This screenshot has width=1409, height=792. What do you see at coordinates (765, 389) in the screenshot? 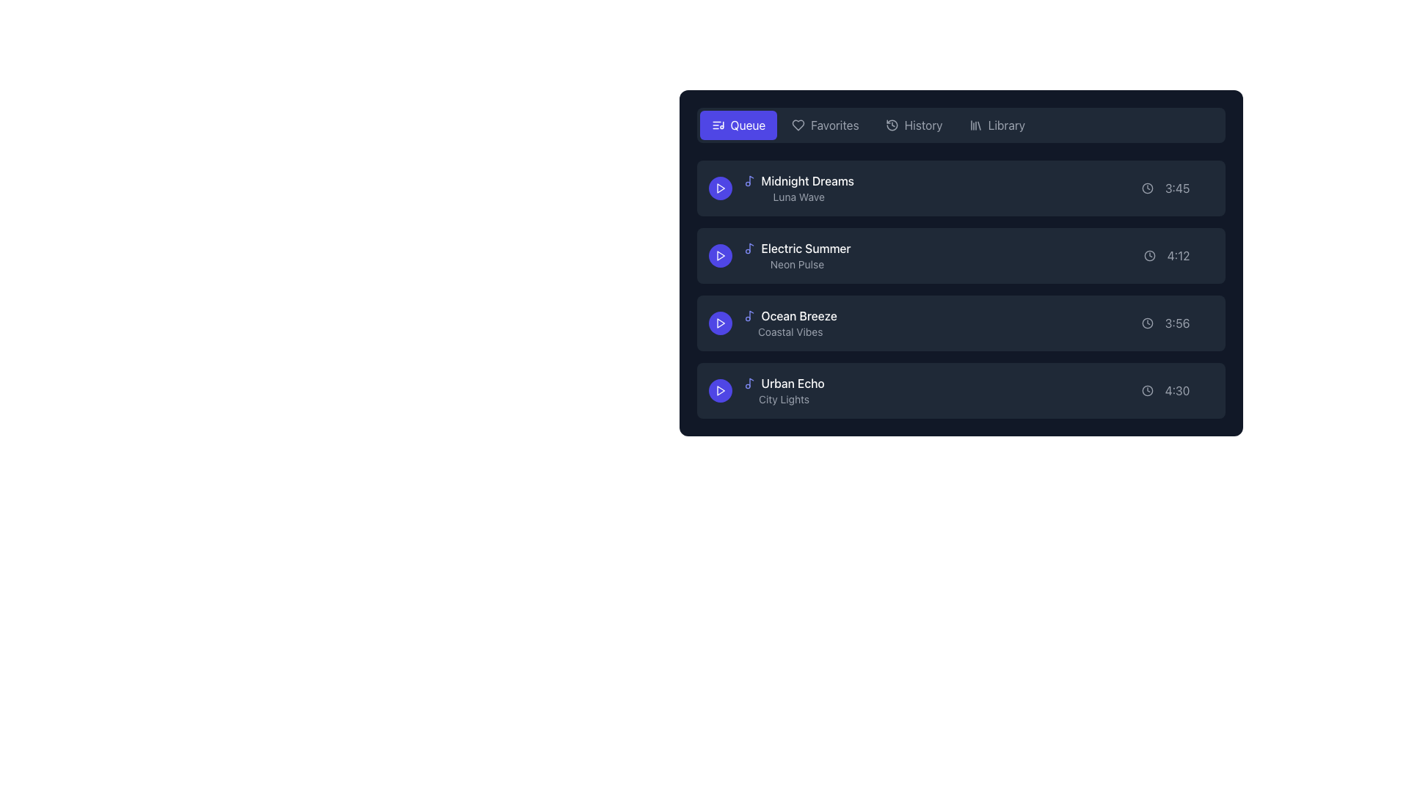
I see `the music item labeled 'Urban Echo' with the subtitle 'City Lights'` at bounding box center [765, 389].